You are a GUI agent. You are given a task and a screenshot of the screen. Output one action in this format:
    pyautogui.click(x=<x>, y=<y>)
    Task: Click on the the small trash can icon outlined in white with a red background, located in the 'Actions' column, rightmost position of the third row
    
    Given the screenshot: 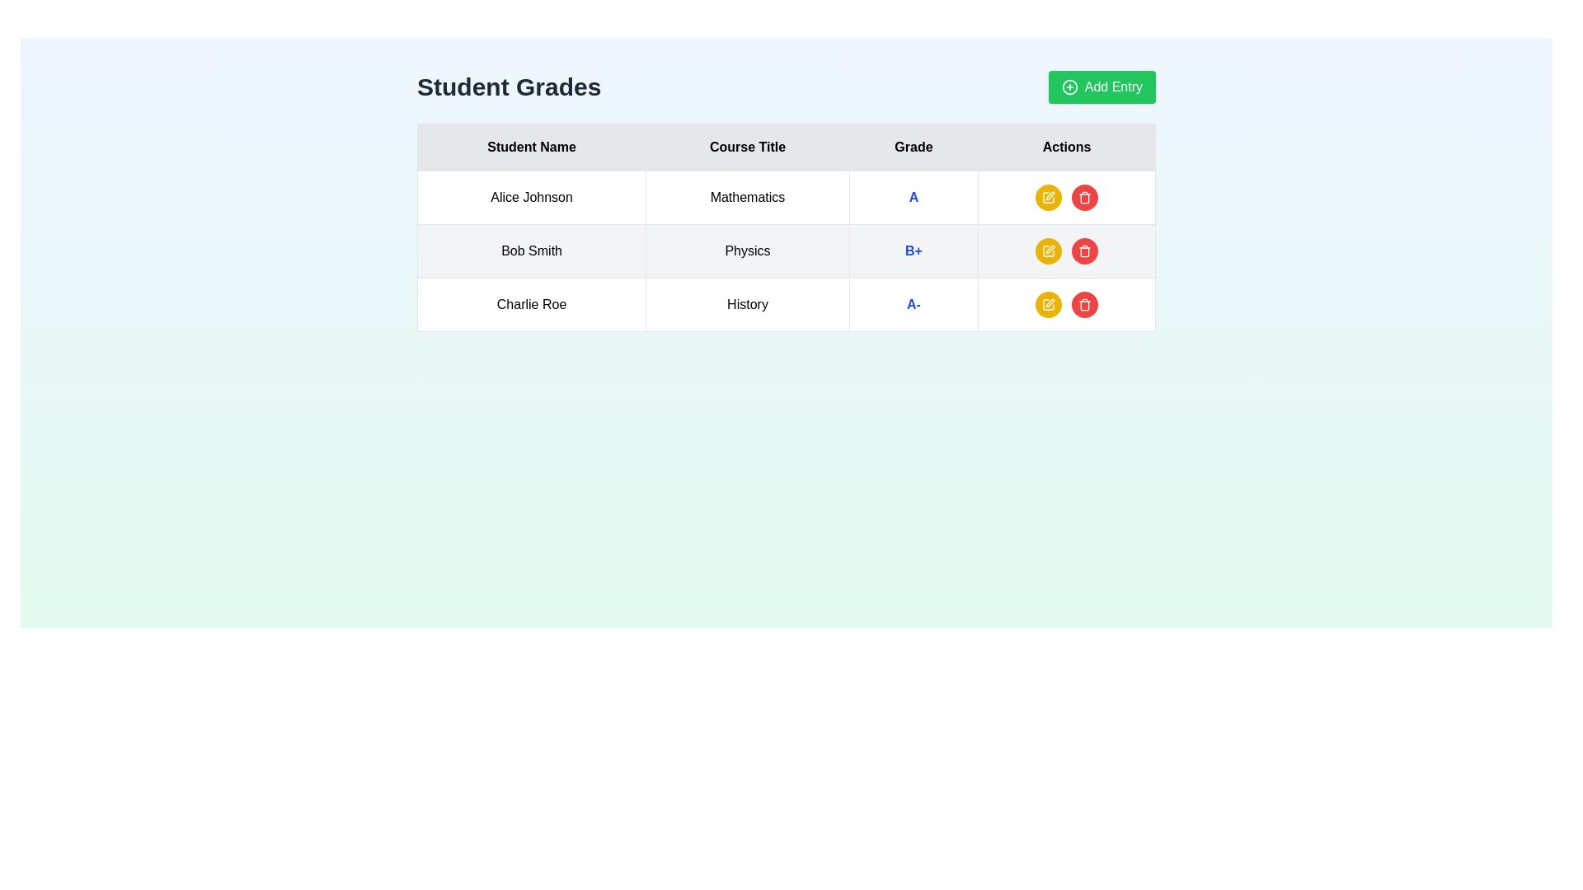 What is the action you would take?
    pyautogui.click(x=1084, y=196)
    